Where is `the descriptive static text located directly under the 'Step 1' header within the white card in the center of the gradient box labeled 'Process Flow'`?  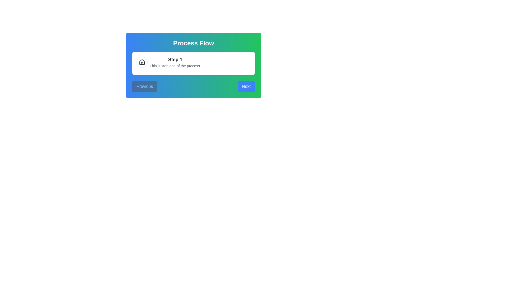
the descriptive static text located directly under the 'Step 1' header within the white card in the center of the gradient box labeled 'Process Flow' is located at coordinates (175, 66).